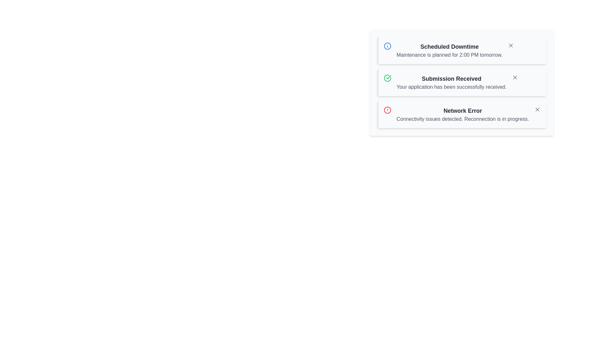 The height and width of the screenshot is (346, 615). I want to click on the close button located at the far-right of the 'Network Error' message card, so click(537, 109).